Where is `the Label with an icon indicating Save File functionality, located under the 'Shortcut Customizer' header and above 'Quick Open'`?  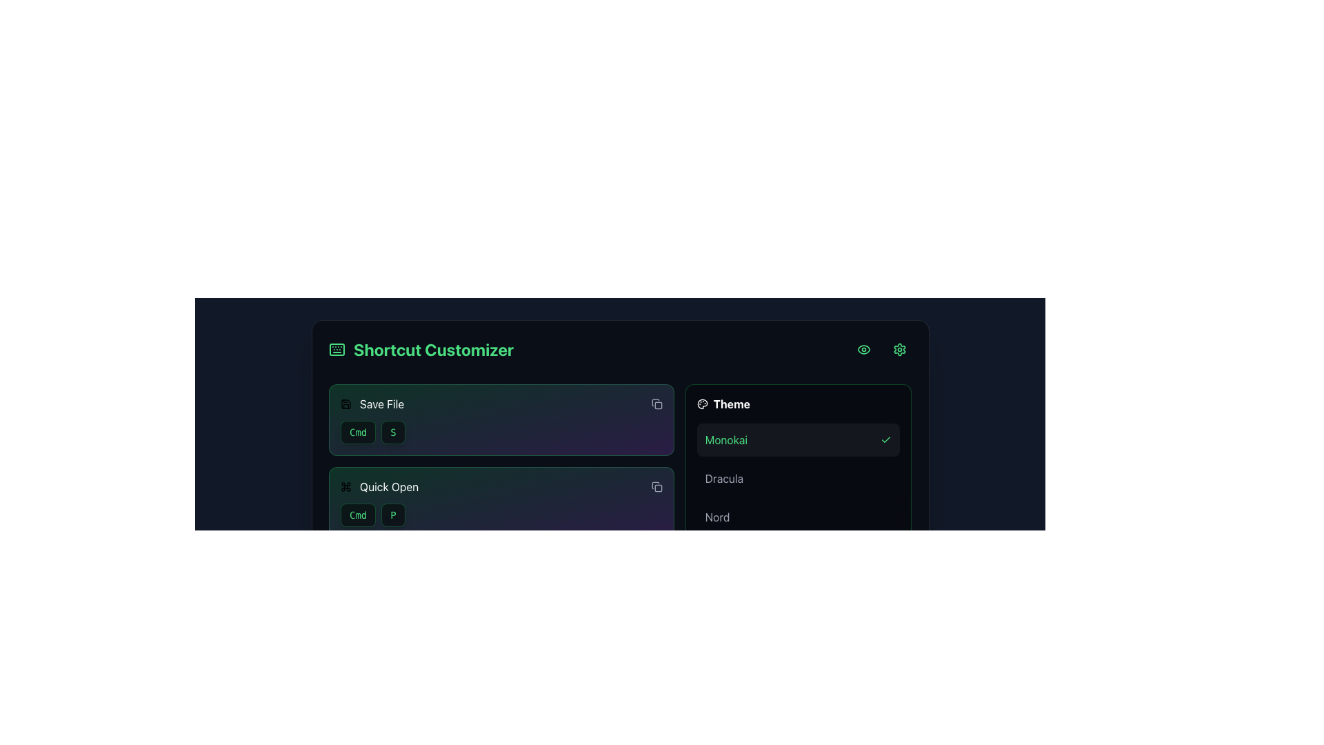
the Label with an icon indicating Save File functionality, located under the 'Shortcut Customizer' header and above 'Quick Open' is located at coordinates (372, 404).